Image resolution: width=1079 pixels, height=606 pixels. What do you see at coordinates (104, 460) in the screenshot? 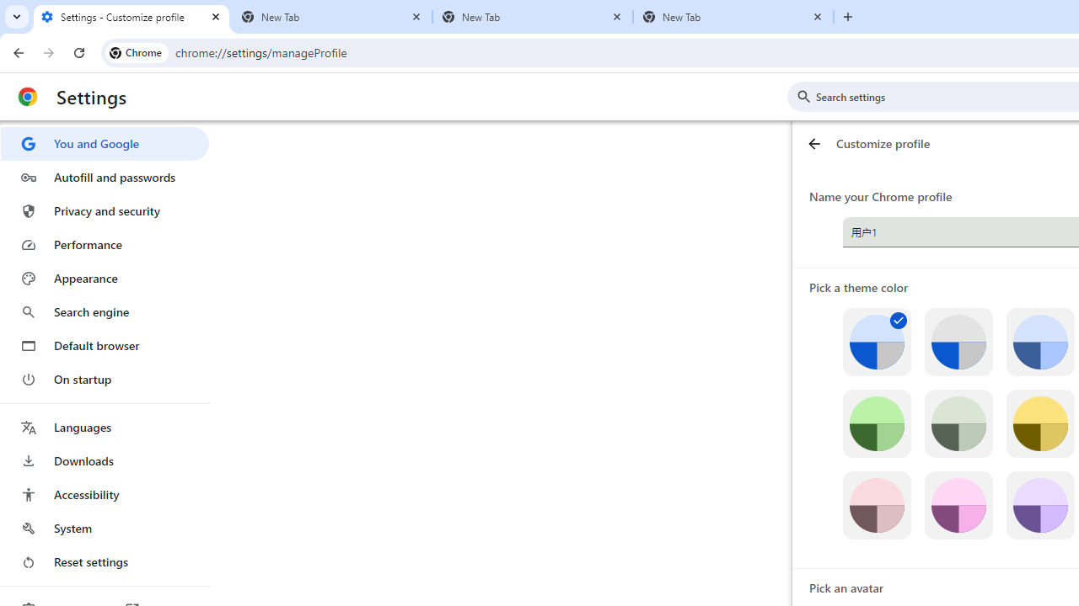
I see `'Downloads'` at bounding box center [104, 460].